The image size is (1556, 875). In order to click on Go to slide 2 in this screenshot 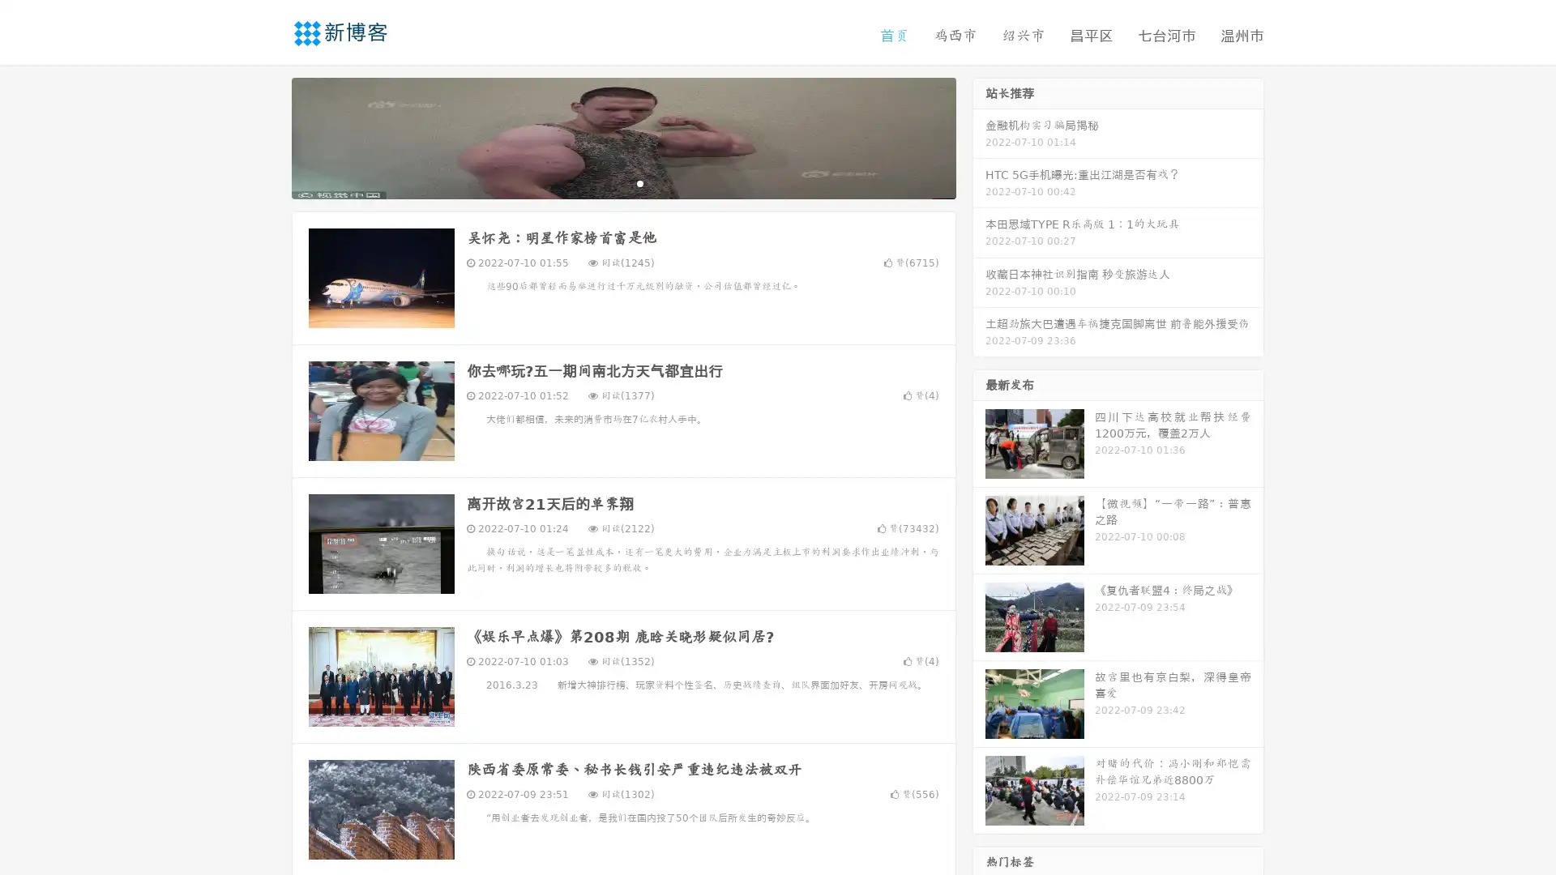, I will do `click(622, 182)`.